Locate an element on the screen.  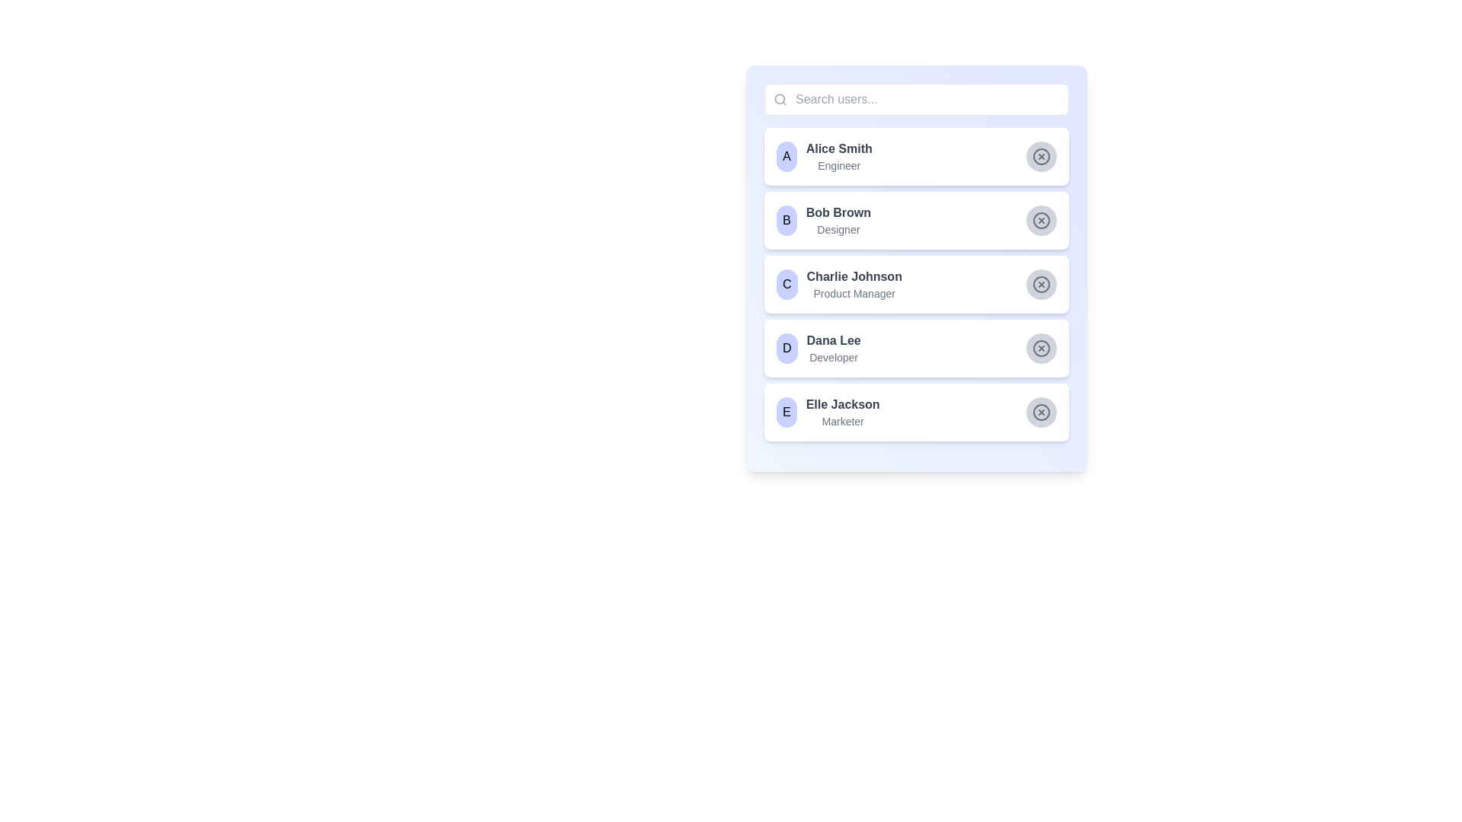
static text element displaying the name and role of the user (Elle Jackson, Marketer) located at the bottom-most entry of the user list is located at coordinates (842, 413).